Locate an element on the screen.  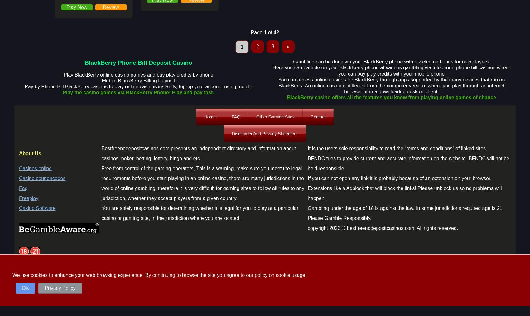
'of' is located at coordinates (270, 32).